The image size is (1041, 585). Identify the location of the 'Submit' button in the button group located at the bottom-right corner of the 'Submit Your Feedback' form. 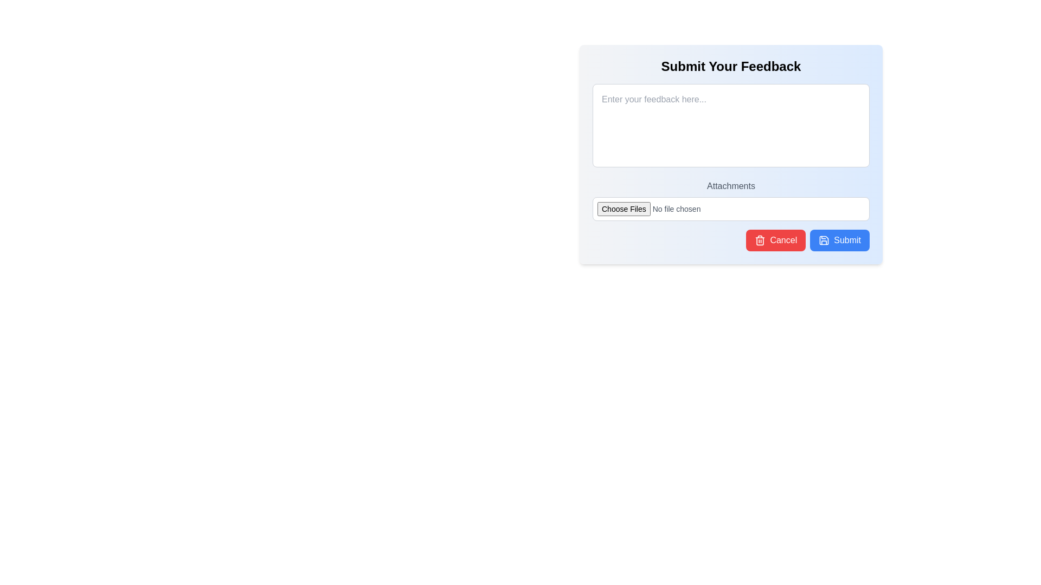
(731, 239).